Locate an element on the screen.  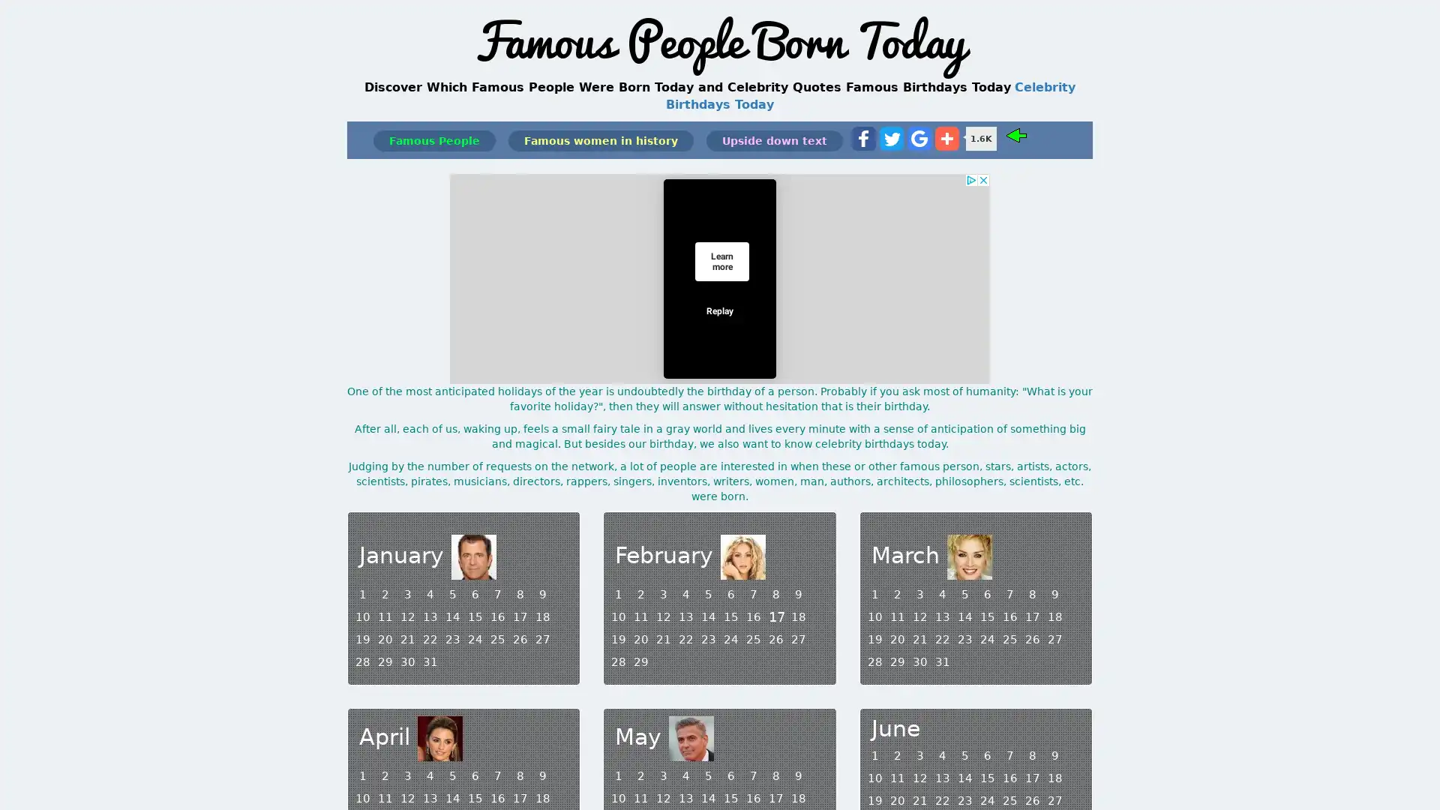
Share to Google Bookmark is located at coordinates (918, 138).